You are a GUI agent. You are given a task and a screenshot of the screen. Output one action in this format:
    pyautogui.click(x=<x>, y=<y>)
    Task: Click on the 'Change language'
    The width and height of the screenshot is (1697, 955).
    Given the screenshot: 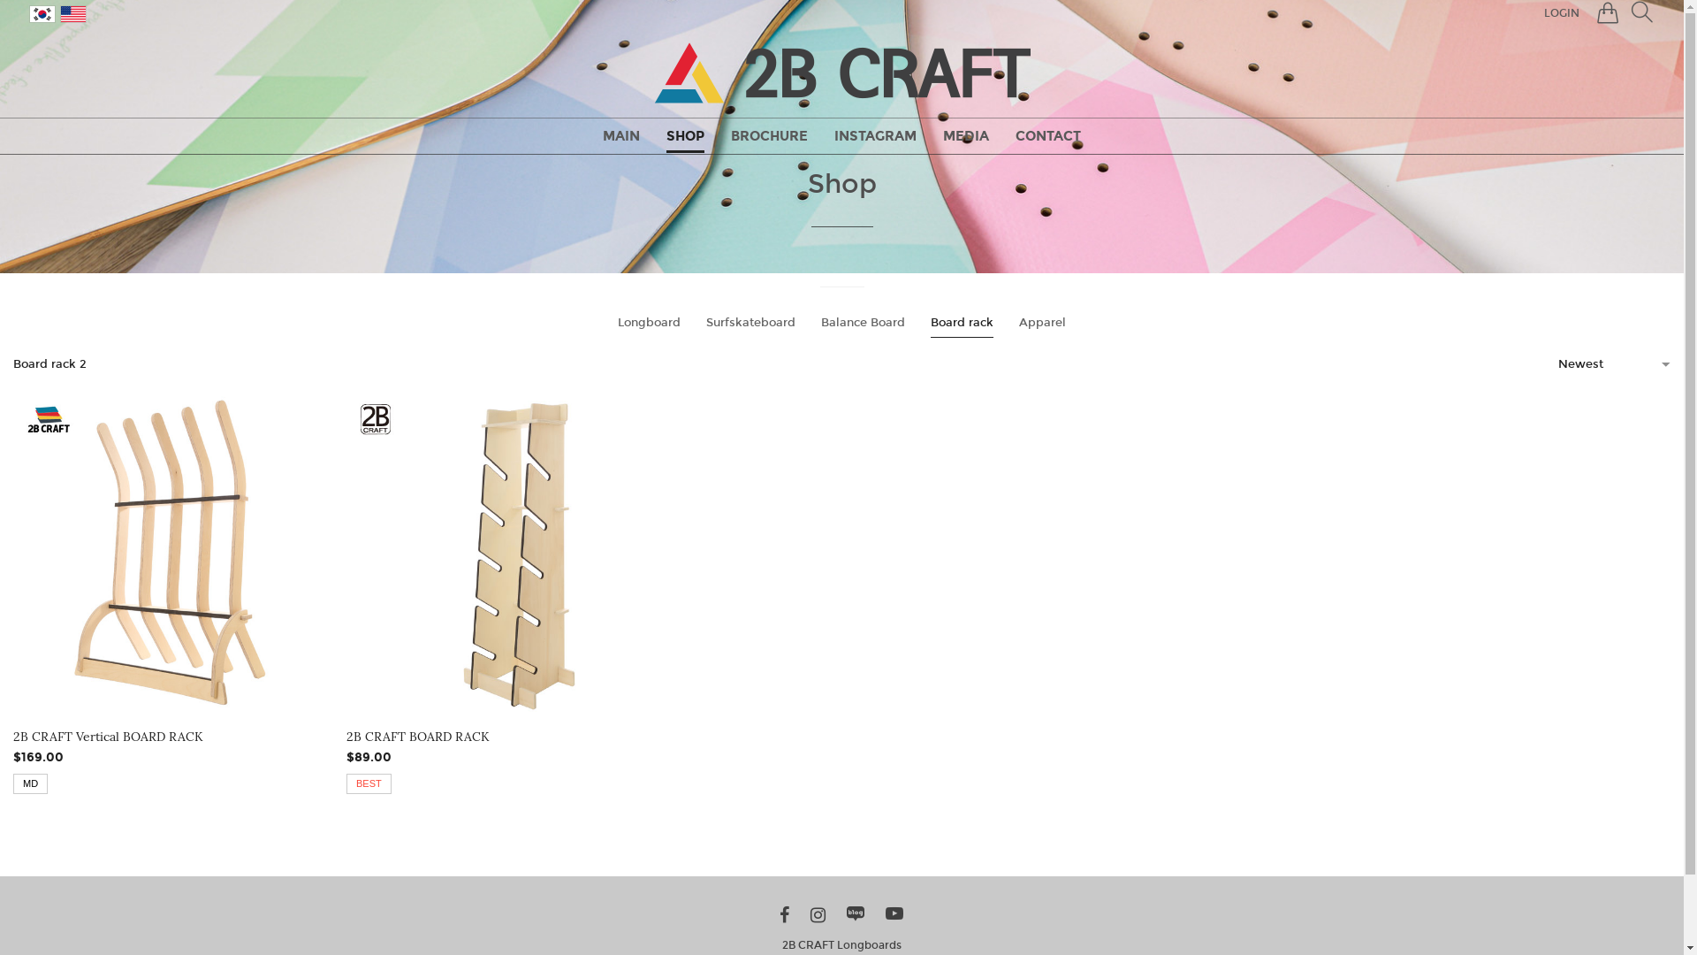 What is the action you would take?
    pyautogui.click(x=42, y=13)
    